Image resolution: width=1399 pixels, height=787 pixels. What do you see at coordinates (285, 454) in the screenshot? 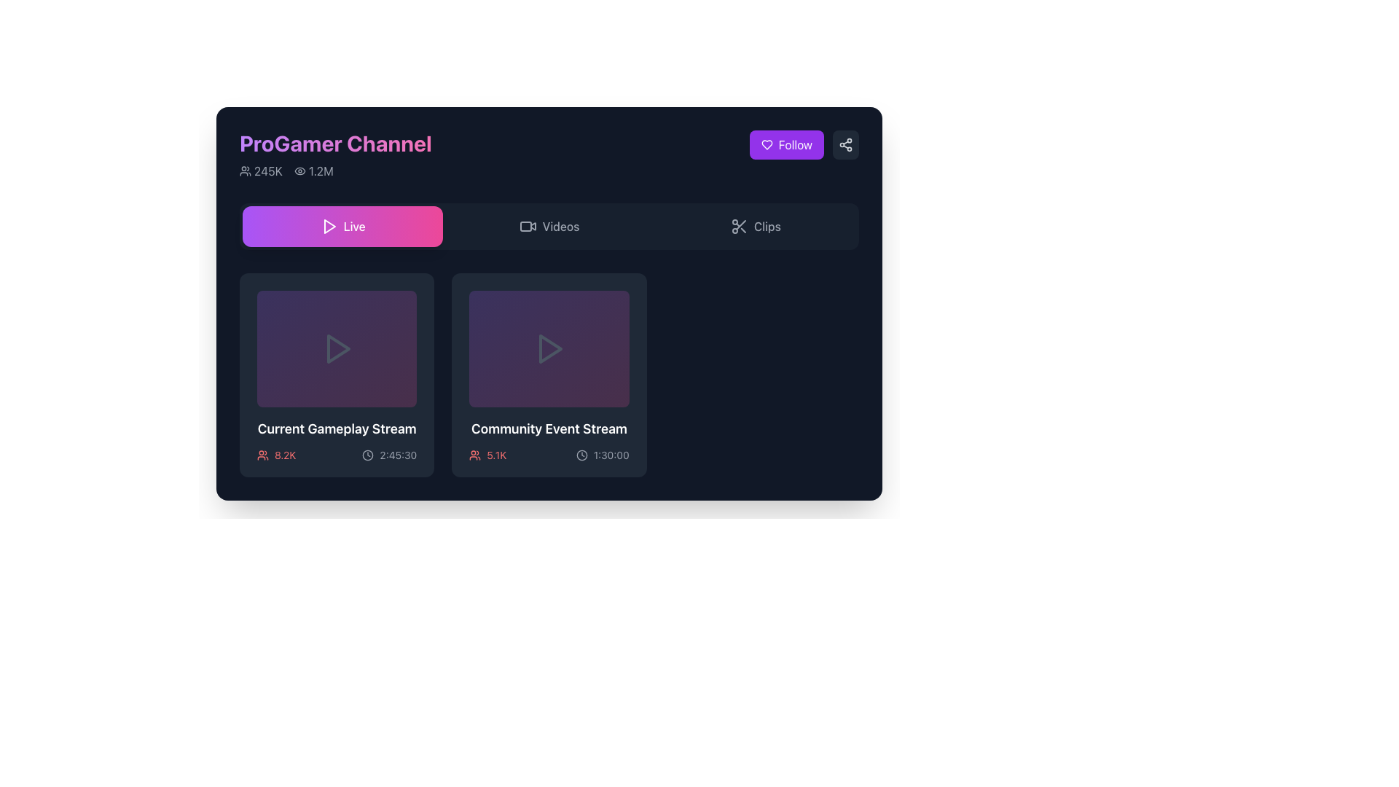
I see `value displayed in the text label showing '8.2K' in red color, which signifies a user-related metric and is located near a user icon in the bottom-left area of the 'Current Gameplay Stream' card` at bounding box center [285, 454].